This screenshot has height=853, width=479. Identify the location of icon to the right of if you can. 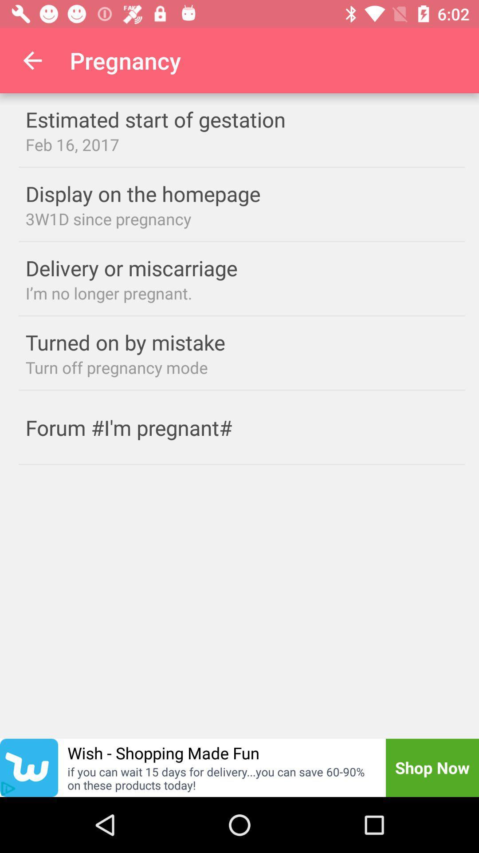
(432, 767).